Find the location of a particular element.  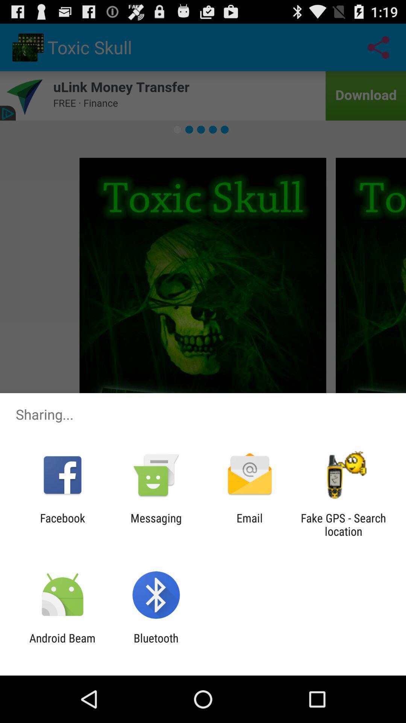

app to the right of the email is located at coordinates (343, 524).